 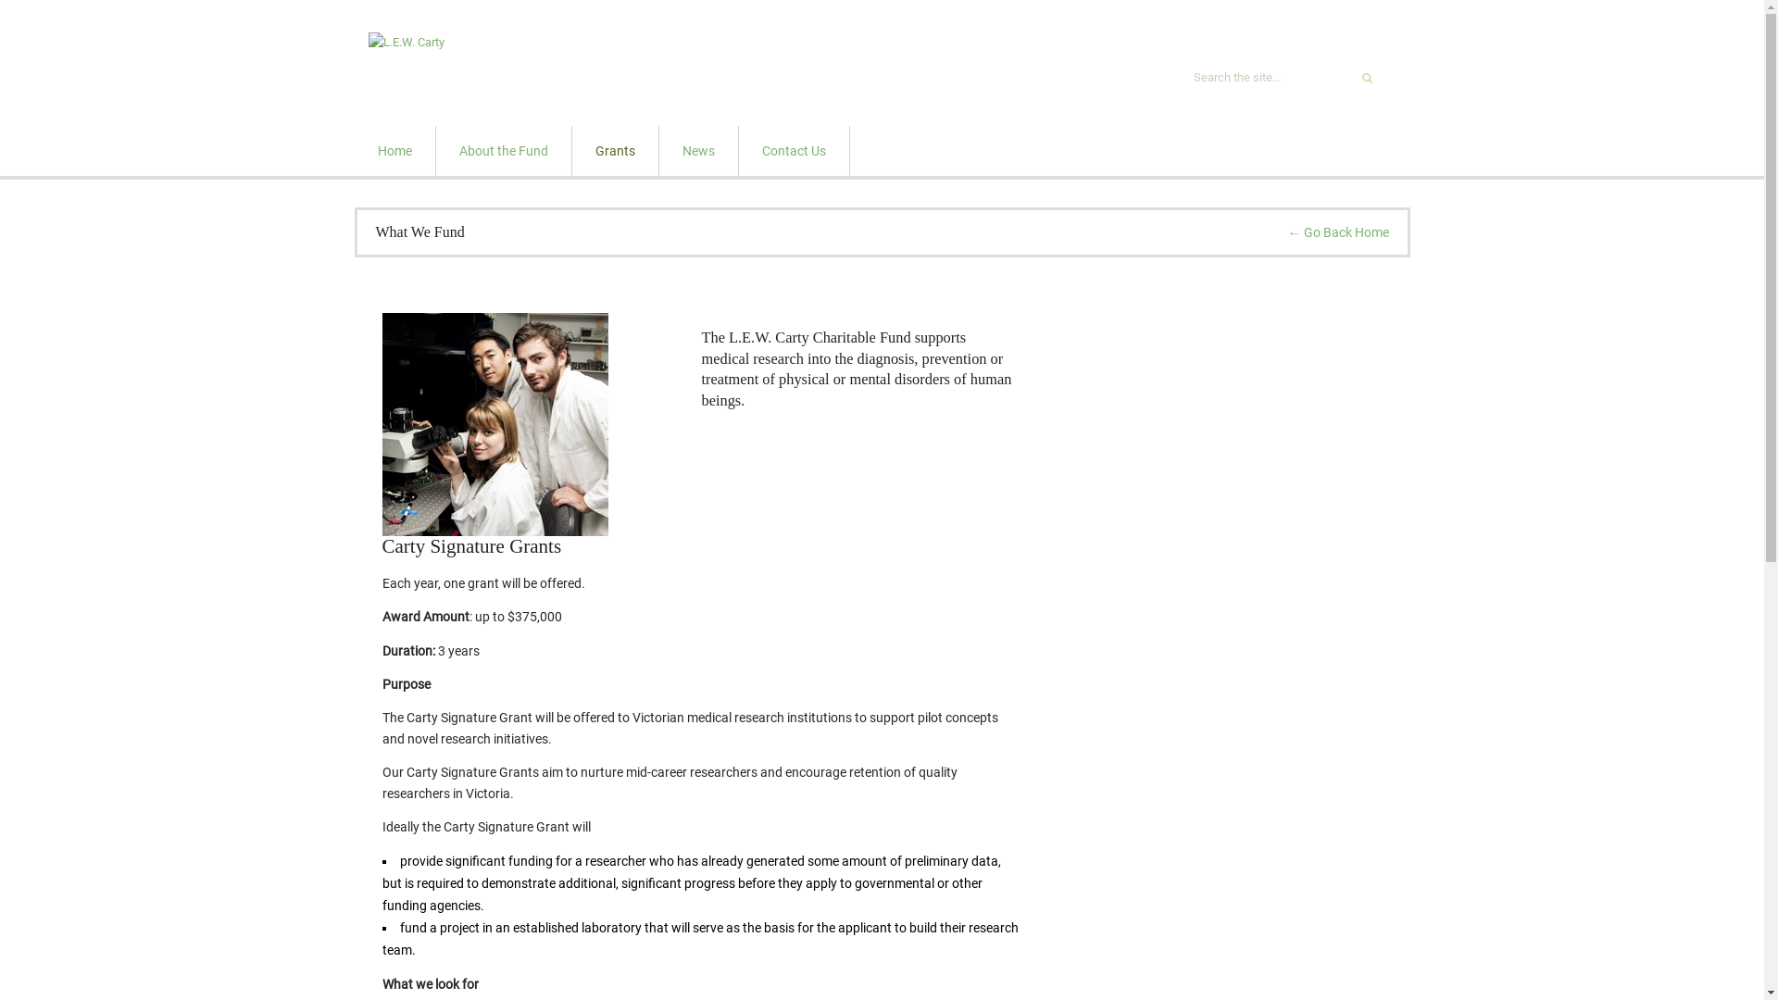 What do you see at coordinates (503, 149) in the screenshot?
I see `'About the Fund'` at bounding box center [503, 149].